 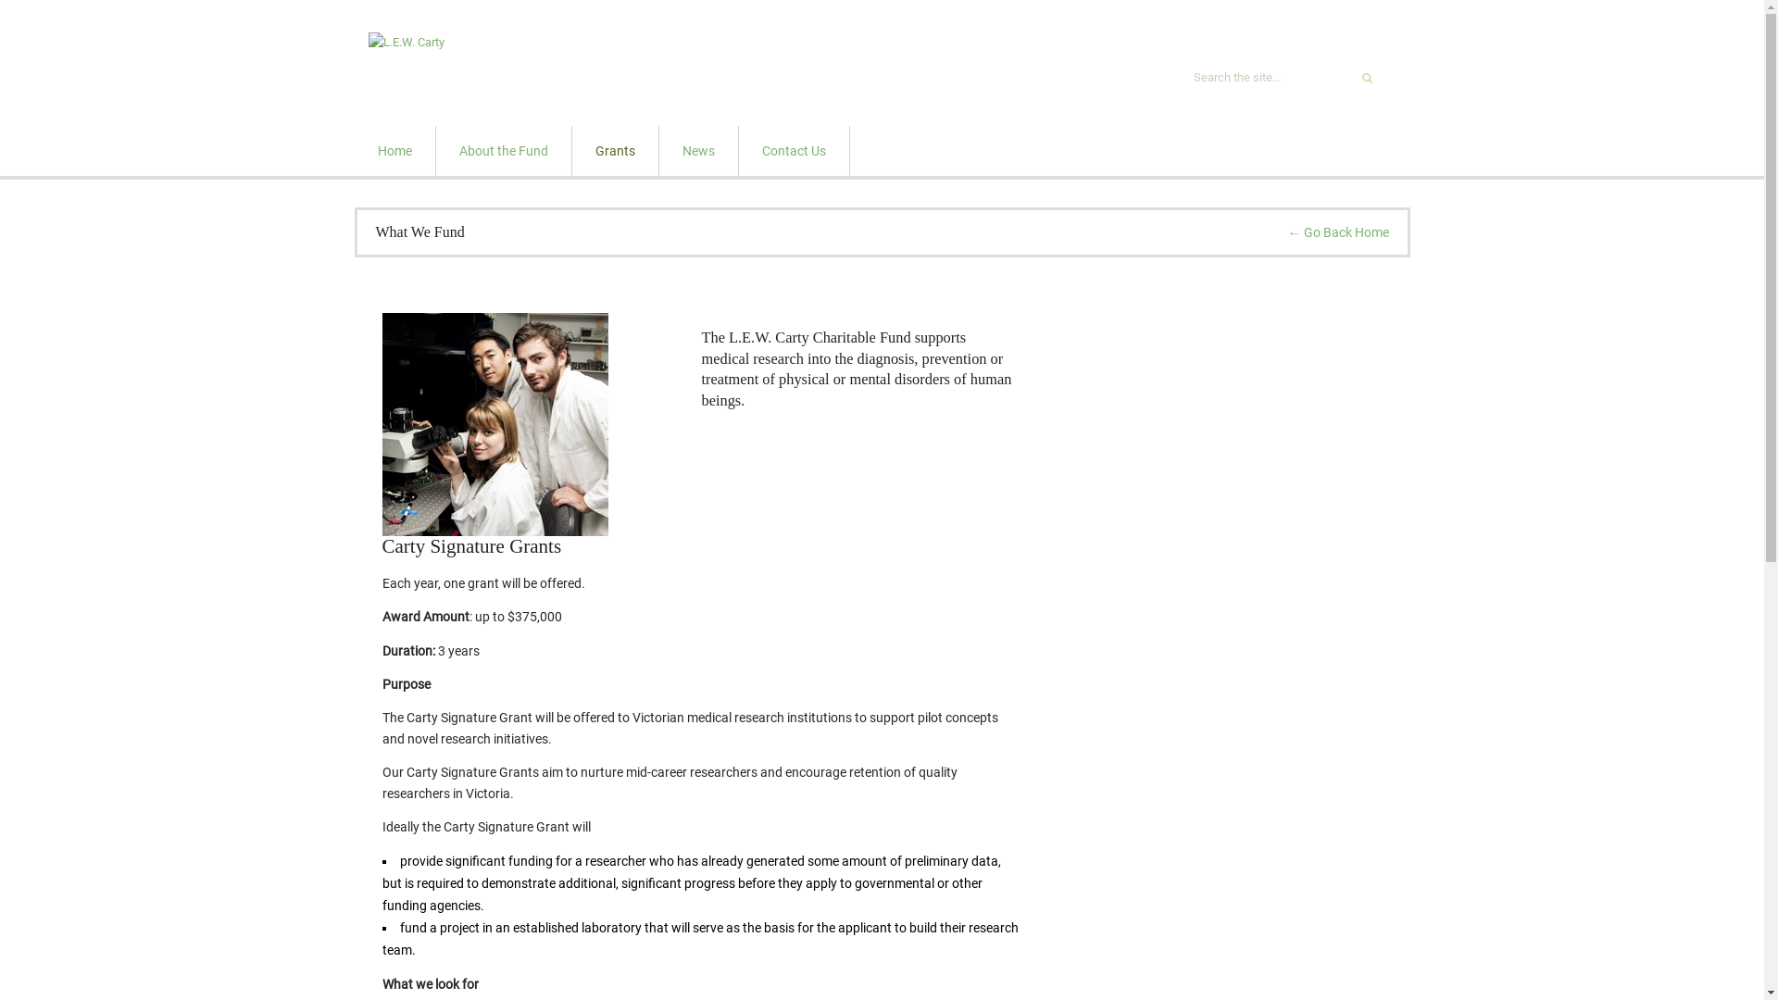 What do you see at coordinates (503, 149) in the screenshot?
I see `'About the Fund'` at bounding box center [503, 149].